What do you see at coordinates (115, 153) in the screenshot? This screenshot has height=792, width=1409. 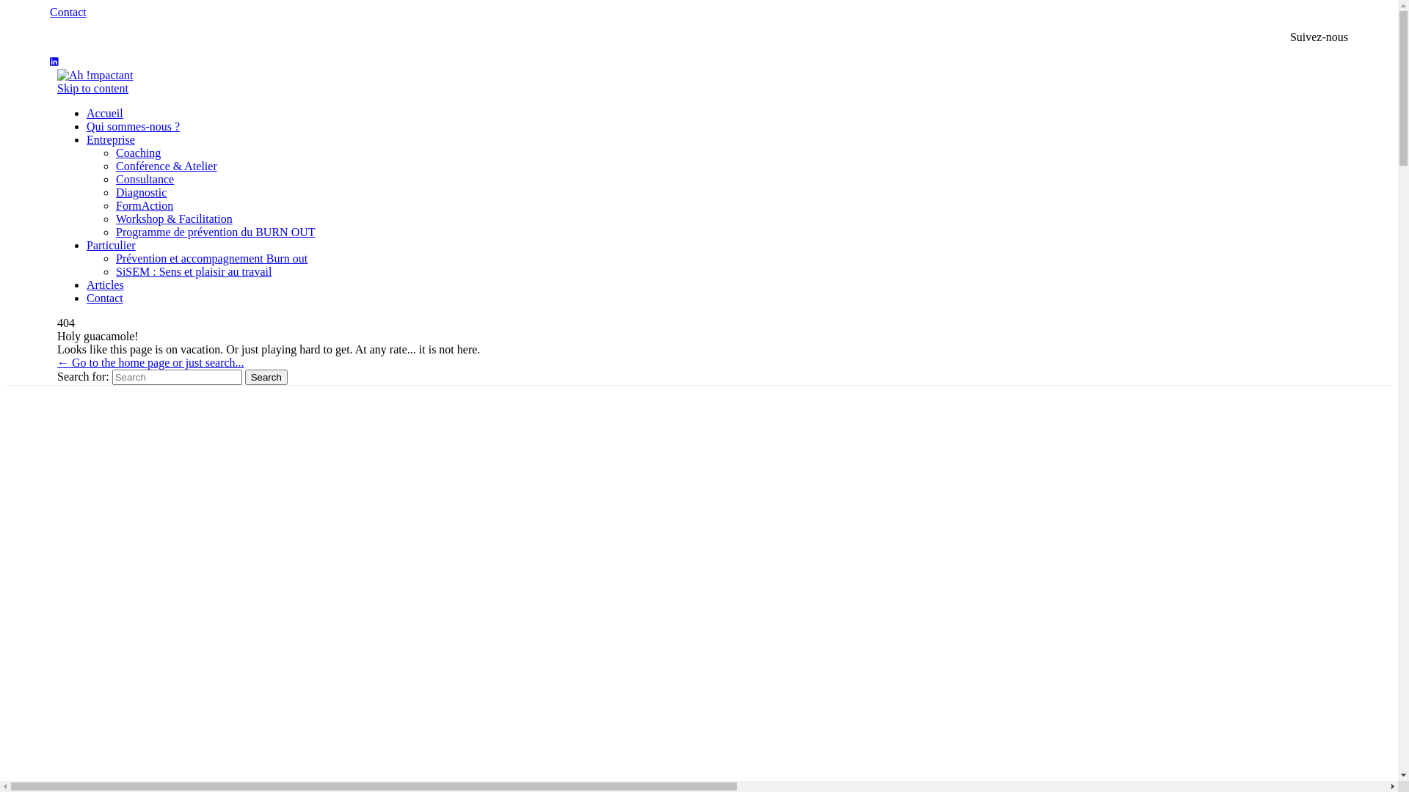 I see `'Coaching'` at bounding box center [115, 153].